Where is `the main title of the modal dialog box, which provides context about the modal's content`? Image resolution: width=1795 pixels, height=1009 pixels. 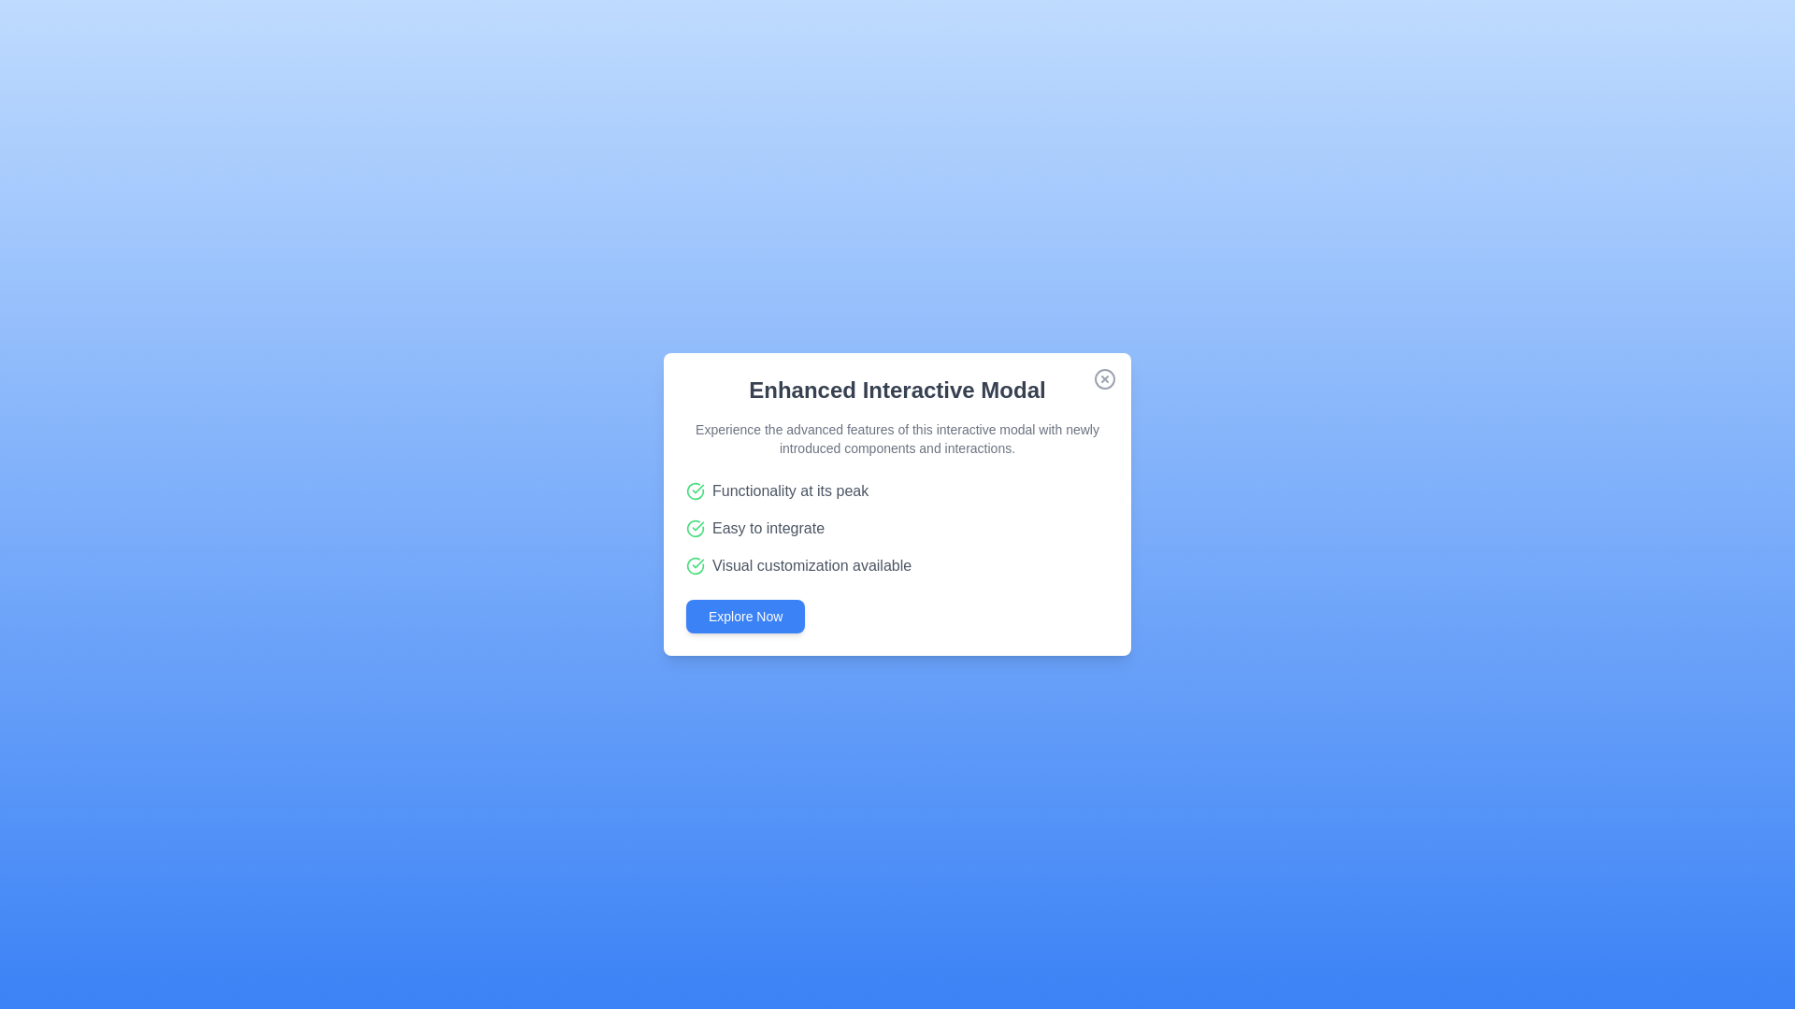 the main title of the modal dialog box, which provides context about the modal's content is located at coordinates (897, 389).